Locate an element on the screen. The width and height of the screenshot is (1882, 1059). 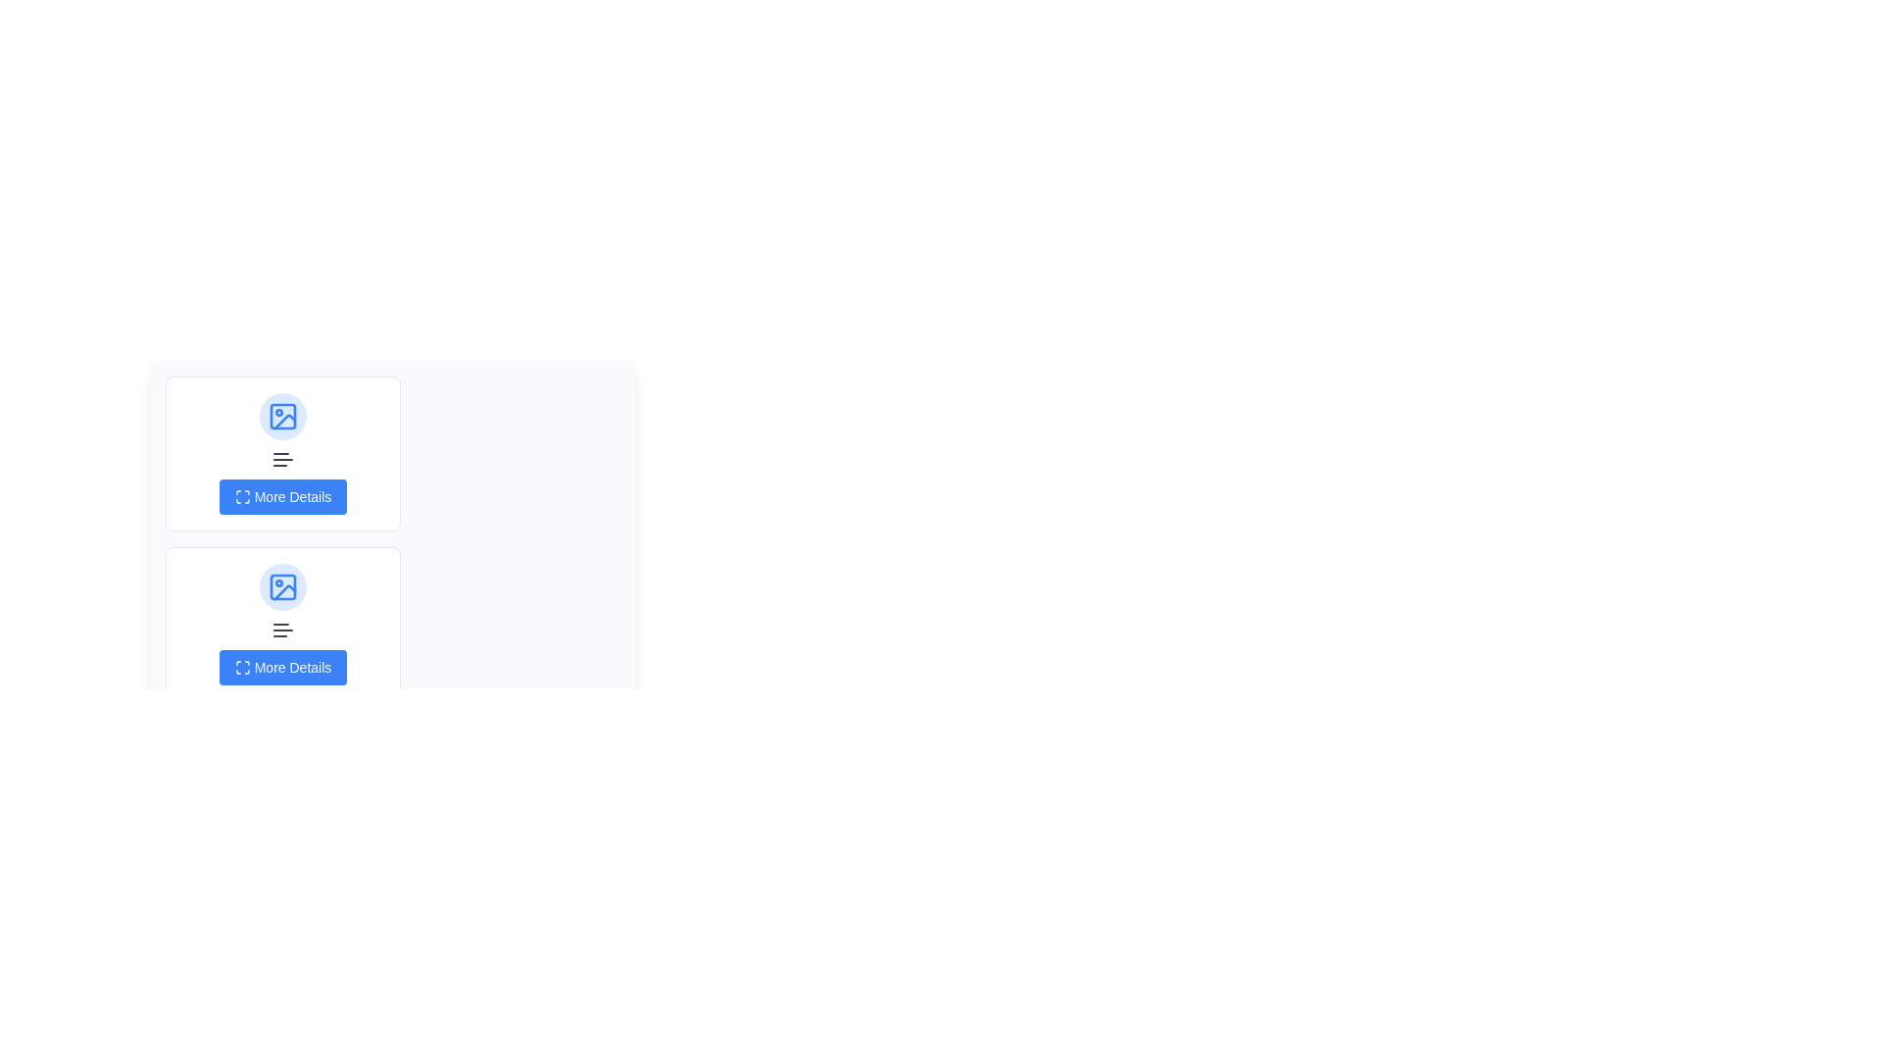
the blue rectangular button labeled 'More Details' with a maximize icon is located at coordinates (281, 667).